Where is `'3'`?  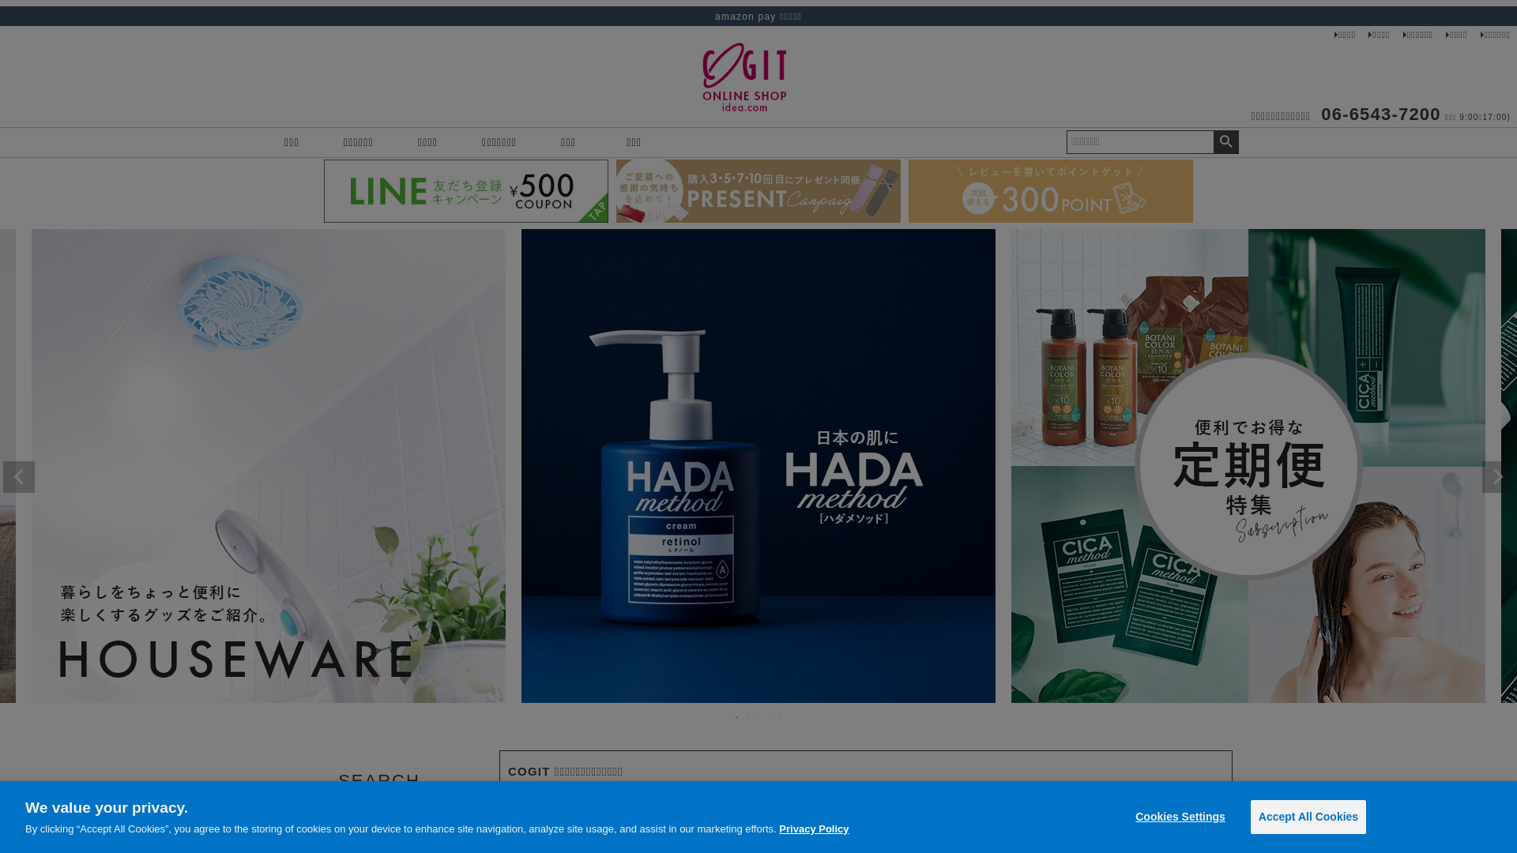 '3' is located at coordinates (758, 716).